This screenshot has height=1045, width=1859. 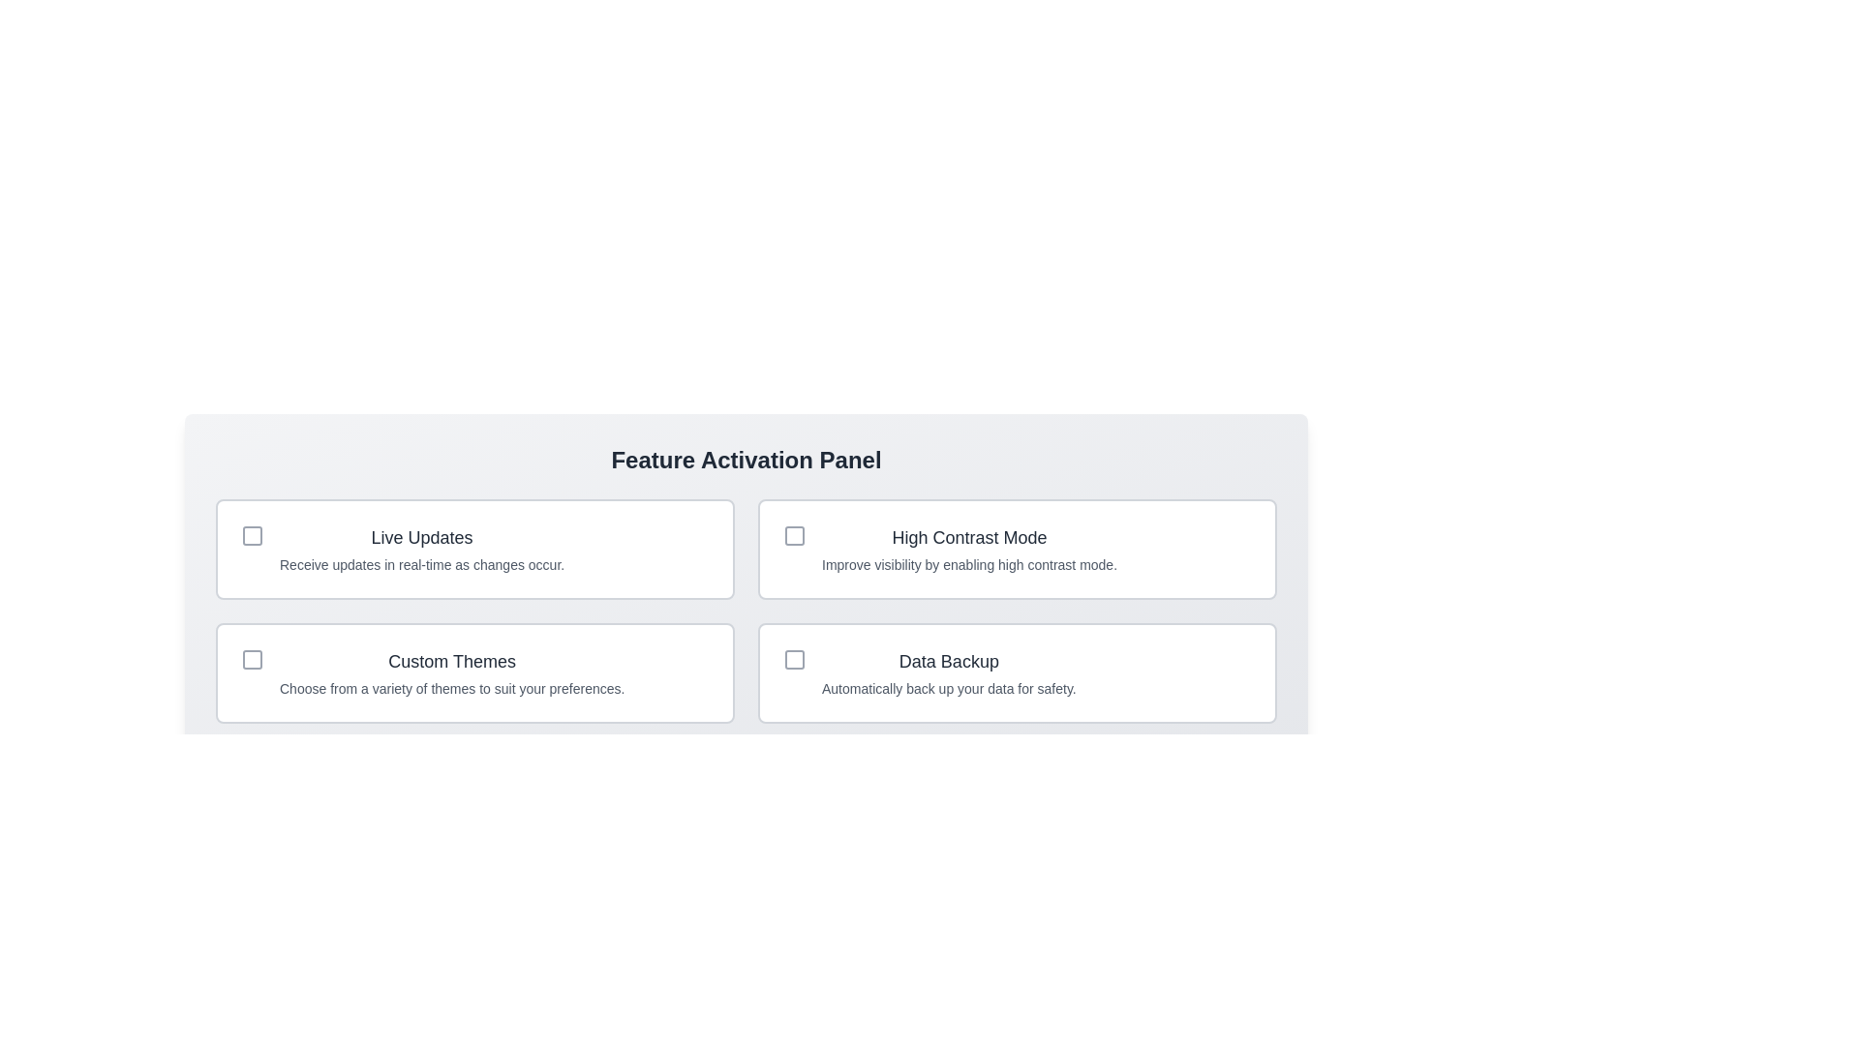 I want to click on the text label that reads 'Receive updates in real-time as changes occur.', which is styled in a small, gray font and located beneath the 'Live Updates' title, so click(x=421, y=564).